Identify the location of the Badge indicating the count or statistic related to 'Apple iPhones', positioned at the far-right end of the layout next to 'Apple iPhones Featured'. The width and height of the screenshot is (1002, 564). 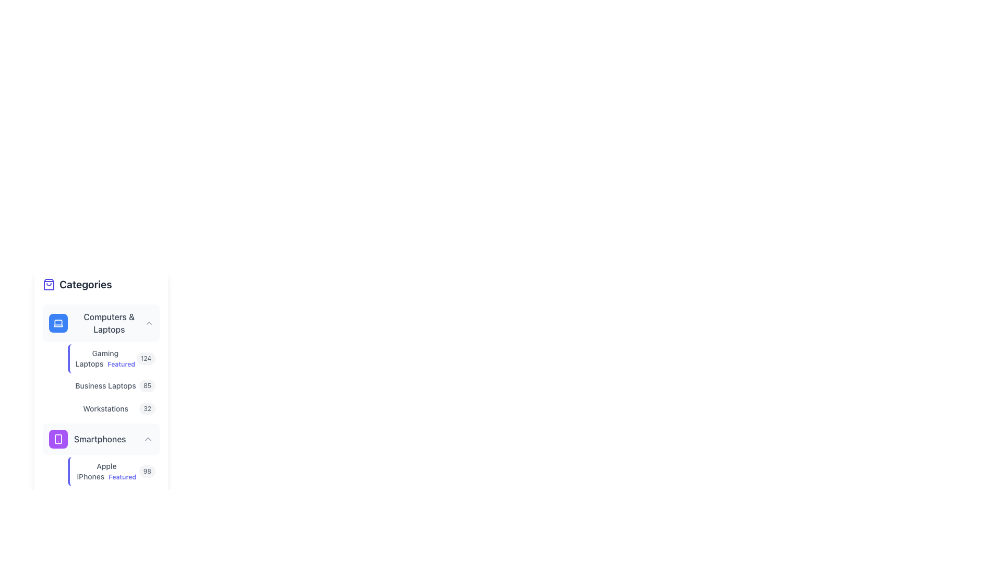
(147, 471).